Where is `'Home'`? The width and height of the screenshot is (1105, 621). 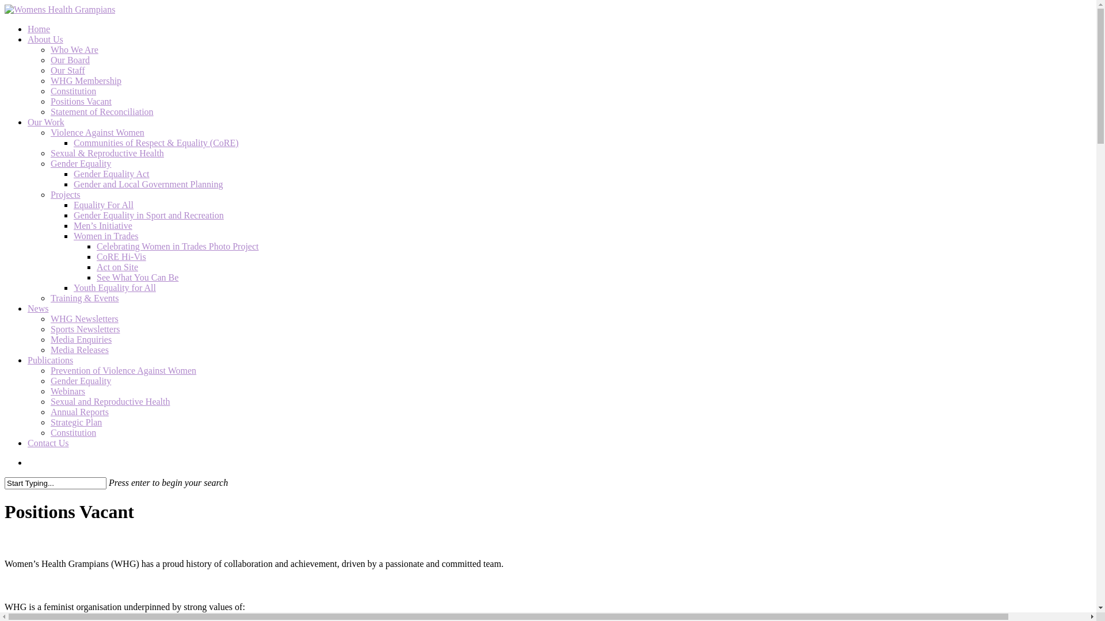 'Home' is located at coordinates (39, 28).